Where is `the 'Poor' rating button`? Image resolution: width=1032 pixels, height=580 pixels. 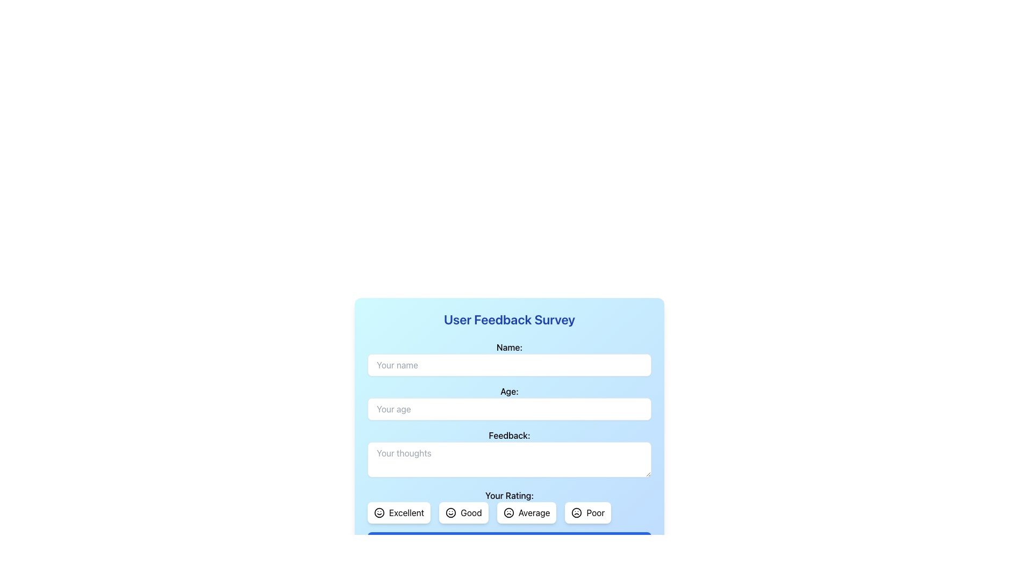
the 'Poor' rating button is located at coordinates (595, 512).